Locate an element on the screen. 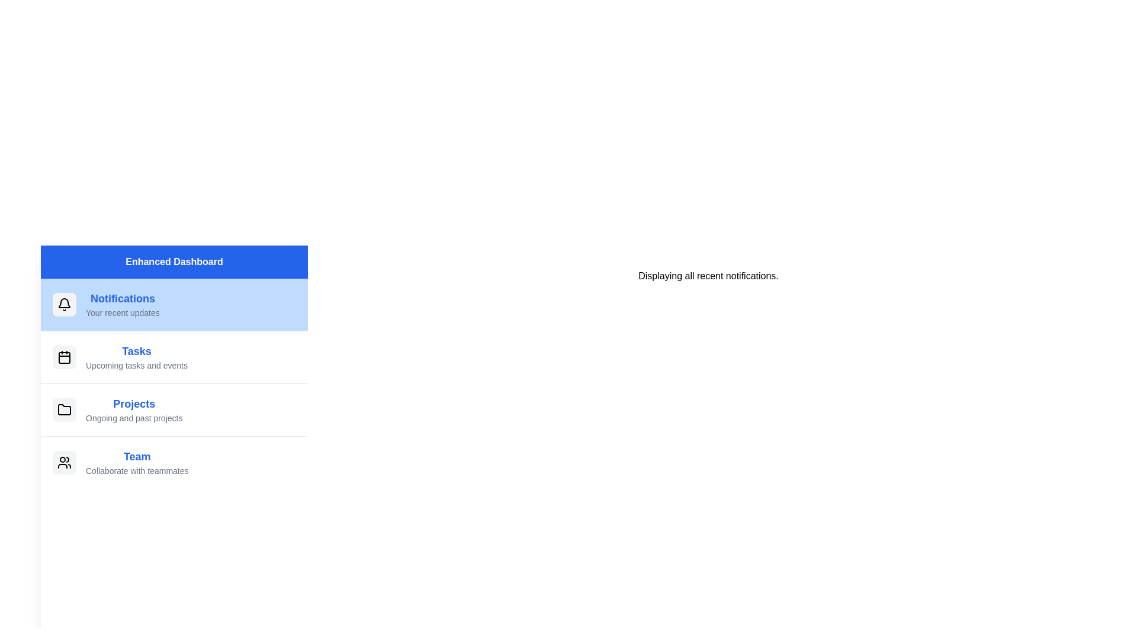 This screenshot has height=639, width=1137. the icon next to the menu item labeled 'Notifications' is located at coordinates (64, 304).